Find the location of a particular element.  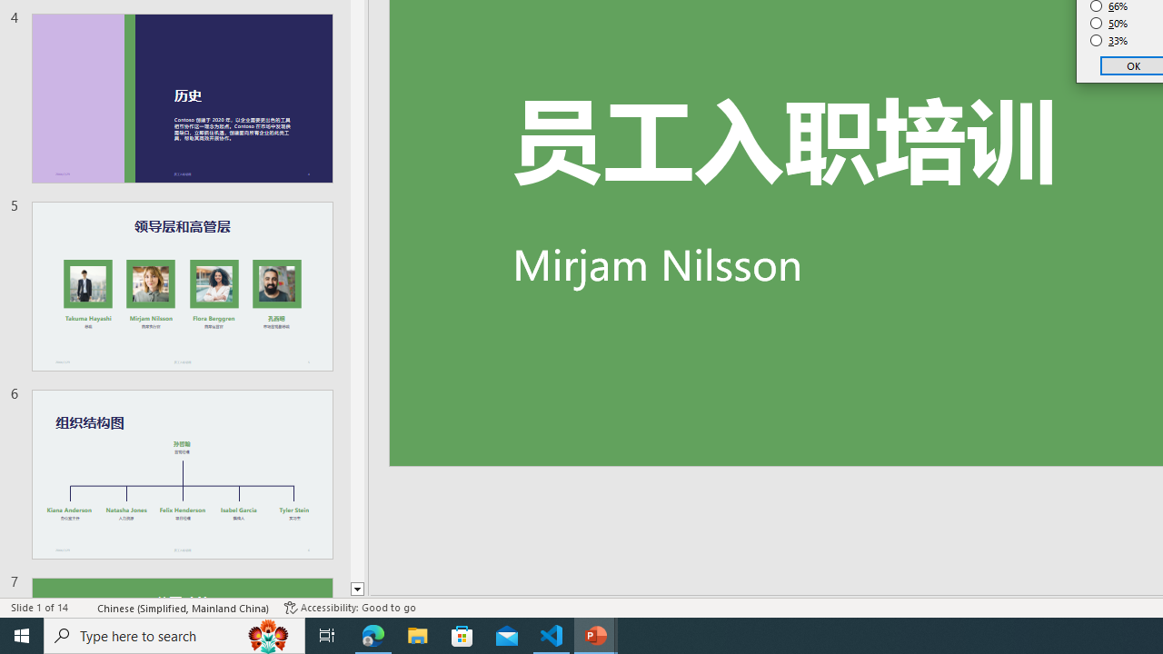

'Accessibility Checker Accessibility: Good to go' is located at coordinates (350, 608).